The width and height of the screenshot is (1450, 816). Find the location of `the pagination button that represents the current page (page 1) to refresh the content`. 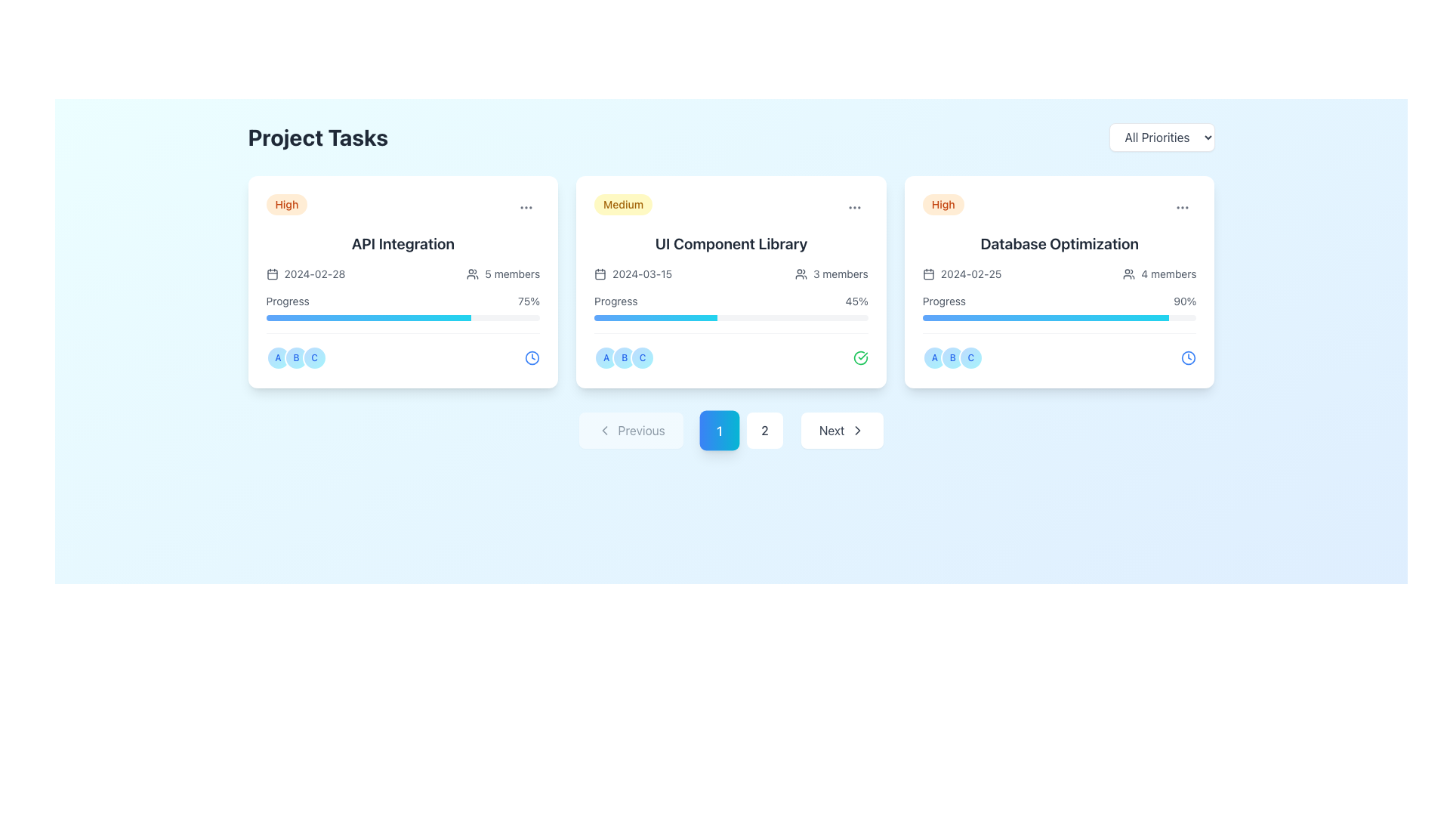

the pagination button that represents the current page (page 1) to refresh the content is located at coordinates (731, 431).